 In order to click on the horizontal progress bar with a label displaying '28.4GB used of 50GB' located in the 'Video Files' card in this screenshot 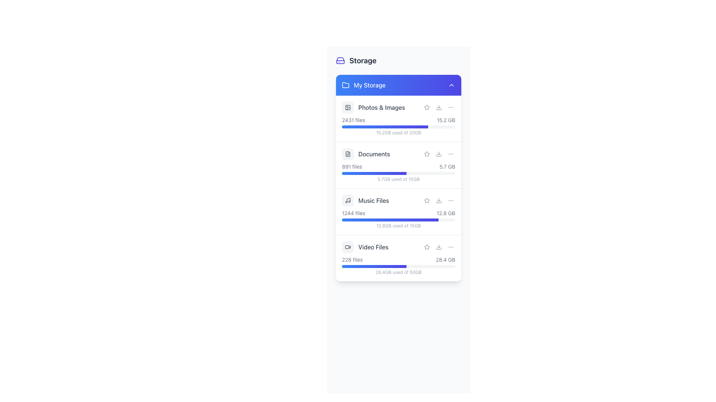, I will do `click(398, 265)`.